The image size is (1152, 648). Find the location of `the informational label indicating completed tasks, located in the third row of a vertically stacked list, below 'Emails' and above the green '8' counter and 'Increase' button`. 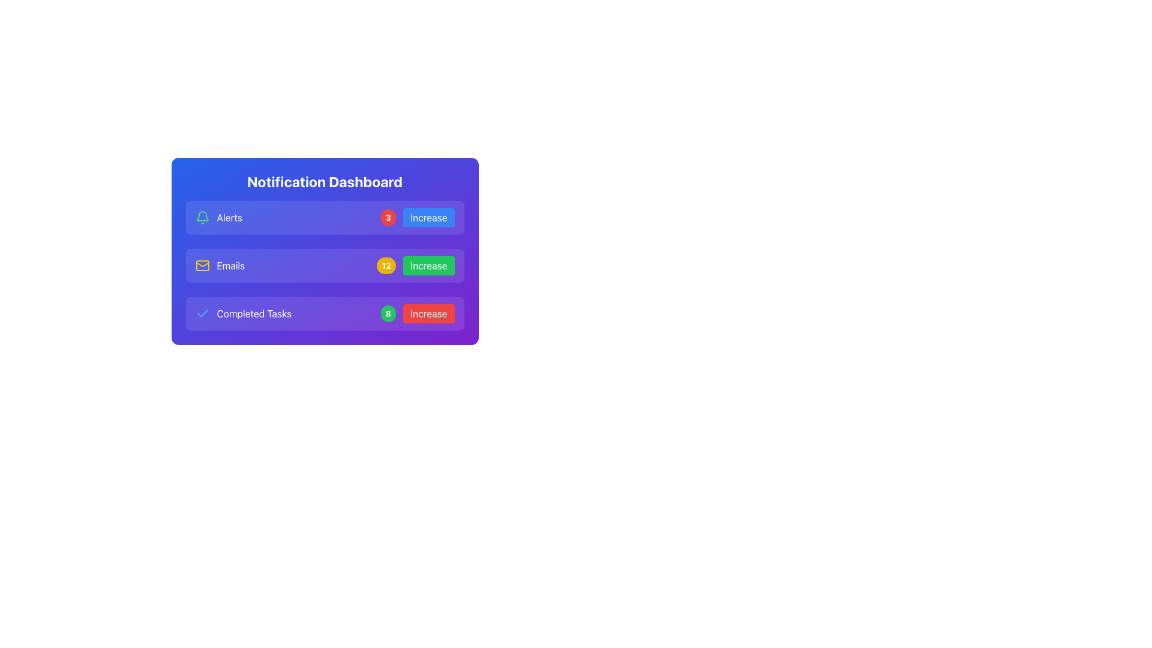

the informational label indicating completed tasks, located in the third row of a vertically stacked list, below 'Emails' and above the green '8' counter and 'Increase' button is located at coordinates (242, 313).